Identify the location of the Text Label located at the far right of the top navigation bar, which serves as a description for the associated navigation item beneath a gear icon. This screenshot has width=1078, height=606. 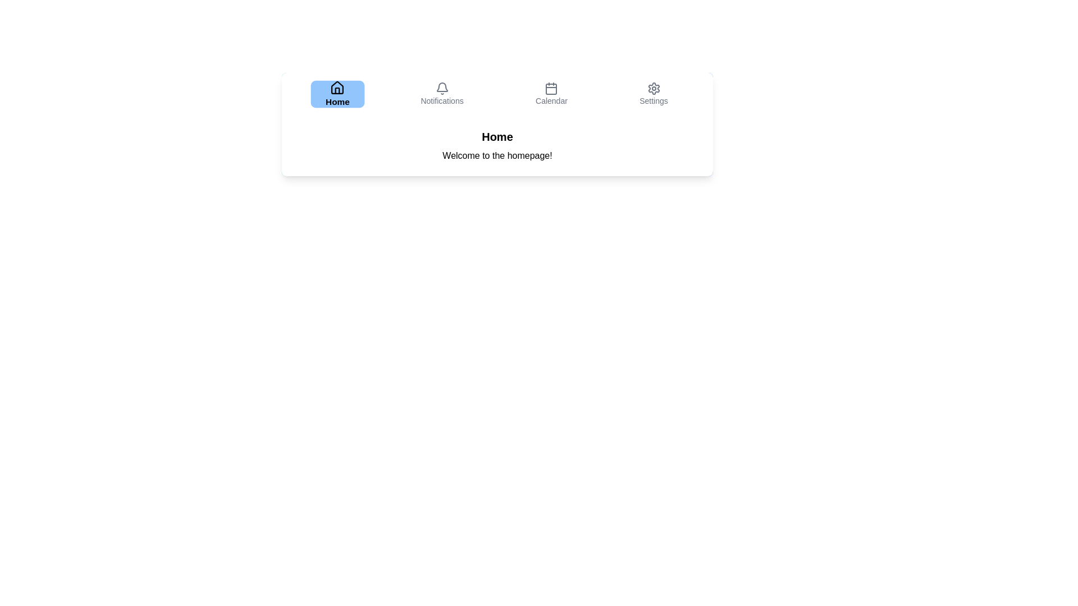
(654, 101).